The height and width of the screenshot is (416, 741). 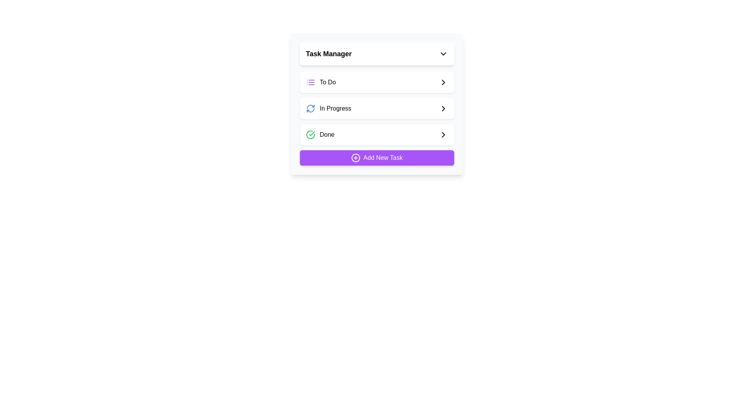 What do you see at coordinates (443, 134) in the screenshot?
I see `the actionable chevron button located at the far right of the 'Done' section bar` at bounding box center [443, 134].